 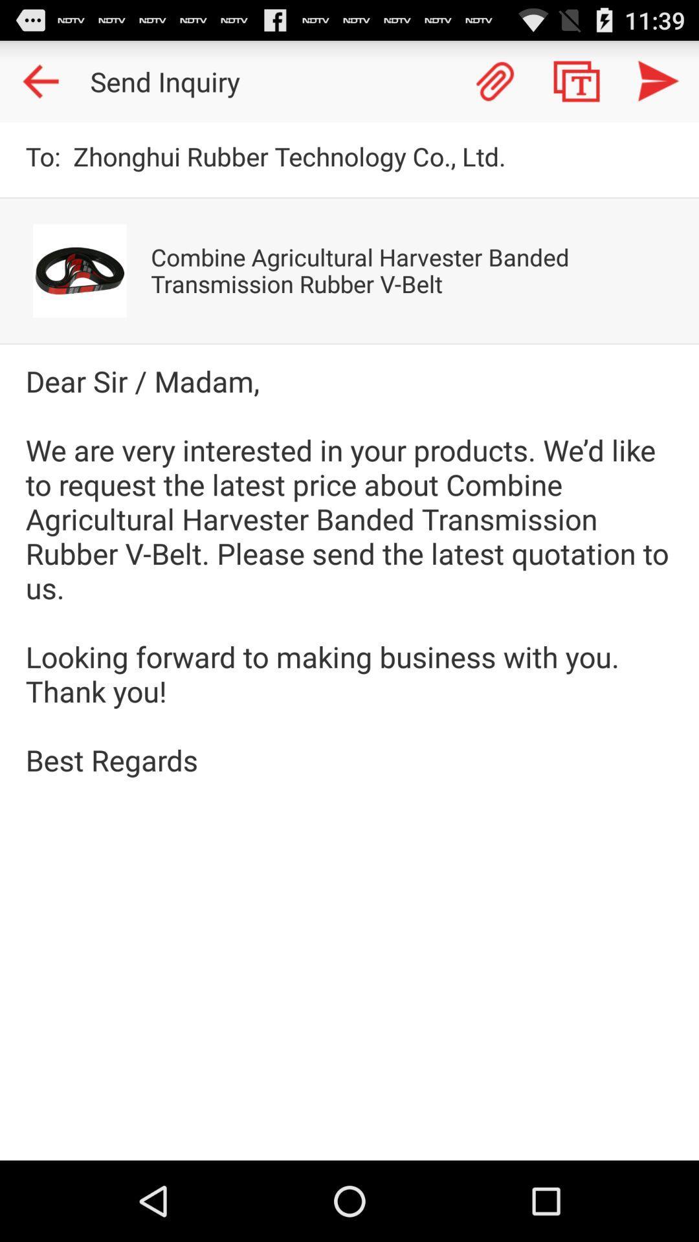 What do you see at coordinates (494, 80) in the screenshot?
I see `attachment` at bounding box center [494, 80].